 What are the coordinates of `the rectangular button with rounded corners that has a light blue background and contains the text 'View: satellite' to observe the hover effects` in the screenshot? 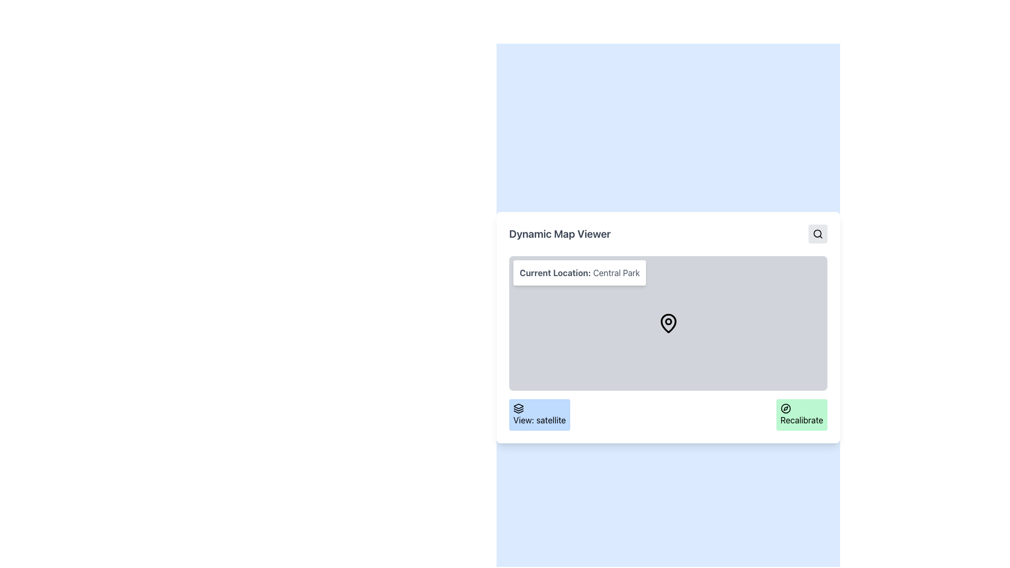 It's located at (539, 414).